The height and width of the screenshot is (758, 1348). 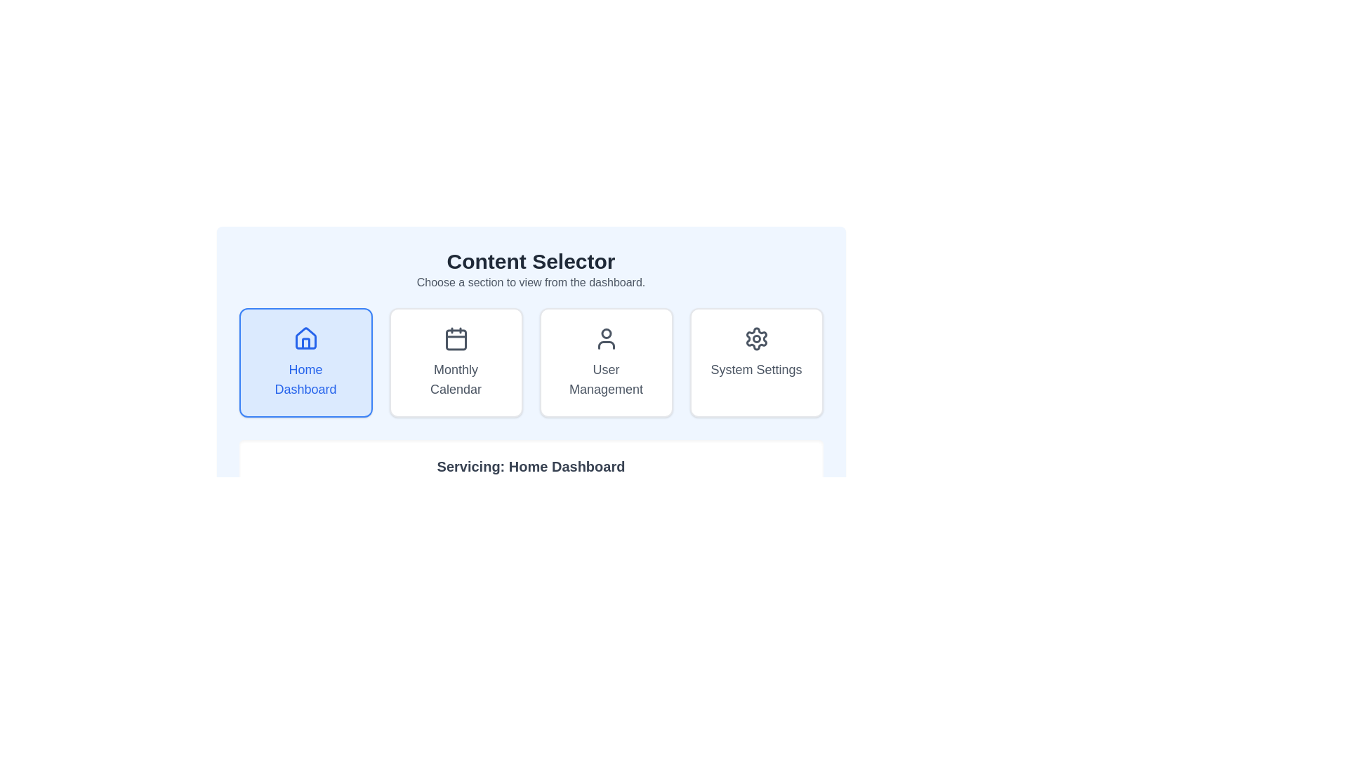 What do you see at coordinates (305, 361) in the screenshot?
I see `the 'Home Dashboard' button located below the 'Content Selector' title` at bounding box center [305, 361].